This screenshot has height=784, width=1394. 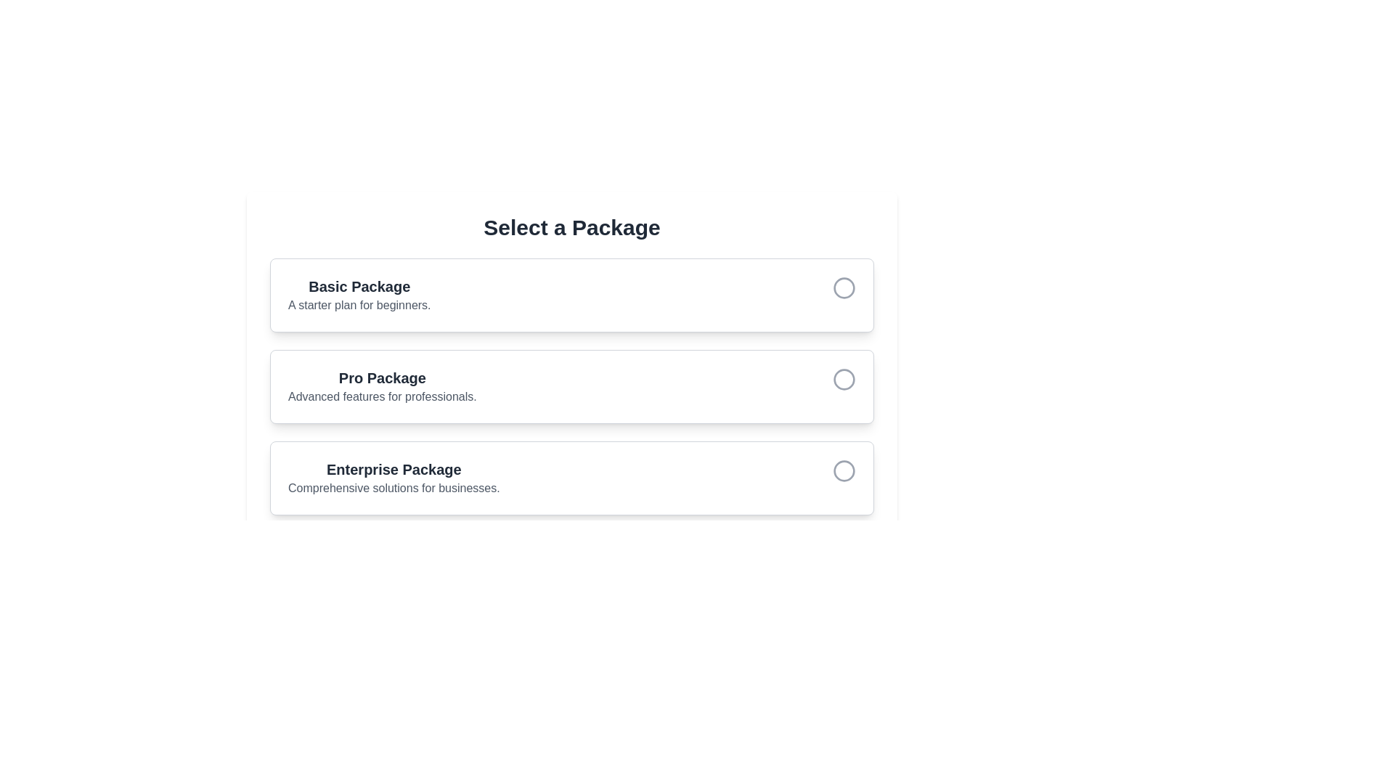 What do you see at coordinates (844, 478) in the screenshot?
I see `the radio button for the 'Enterprise Package' option` at bounding box center [844, 478].